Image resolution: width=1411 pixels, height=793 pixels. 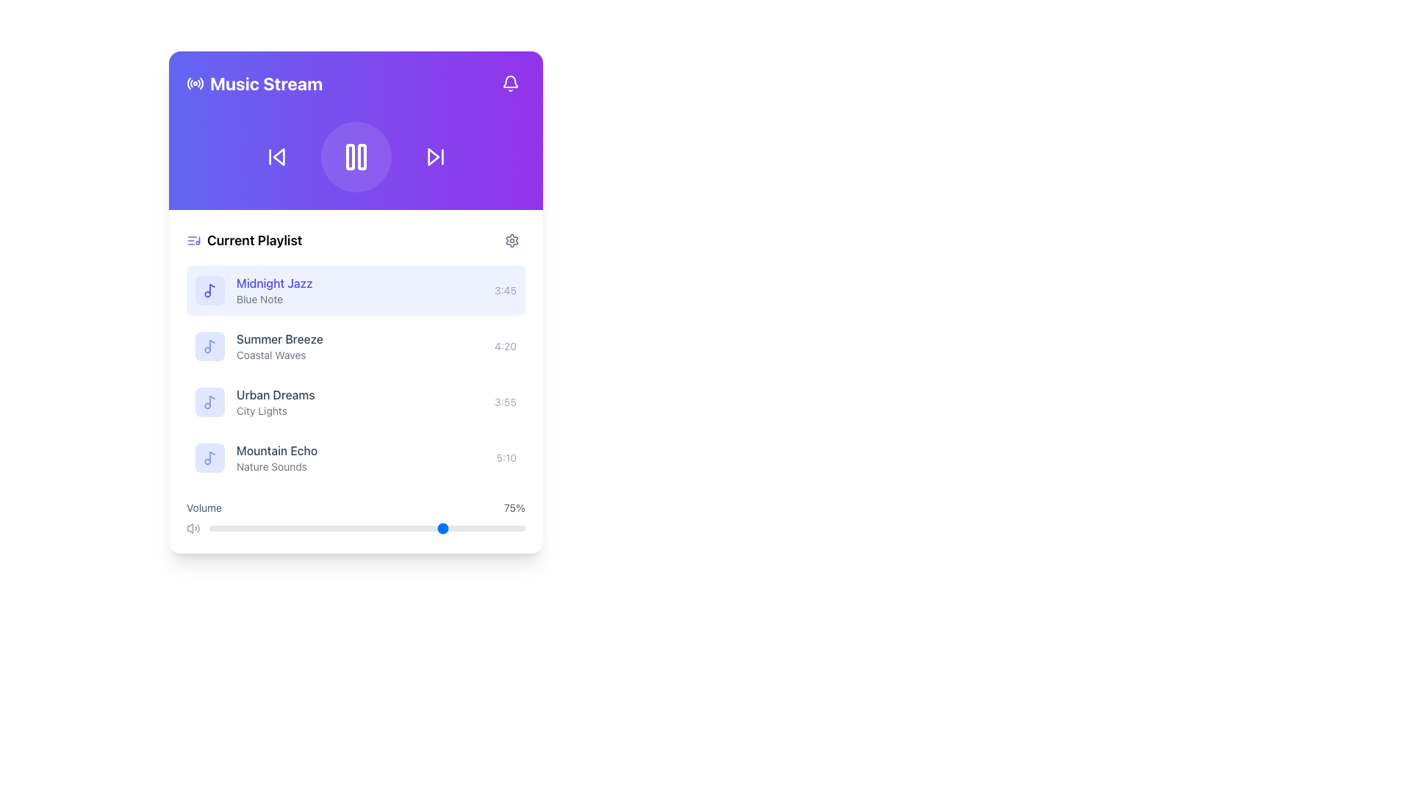 What do you see at coordinates (356, 346) in the screenshot?
I see `the interactive list item labeled 'Summer Breeze' in the 'Current Playlist' section` at bounding box center [356, 346].